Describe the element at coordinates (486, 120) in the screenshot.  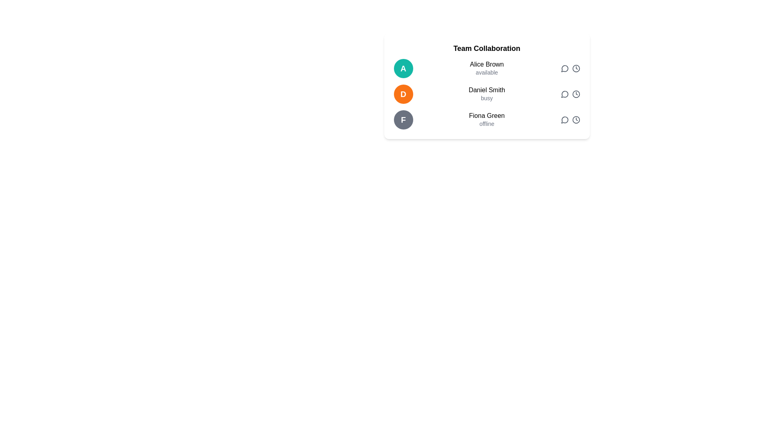
I see `the combined text displayed in the Text Display Block showing 'Fiona Green' and 'offline', which is the third entry in the user list` at that location.